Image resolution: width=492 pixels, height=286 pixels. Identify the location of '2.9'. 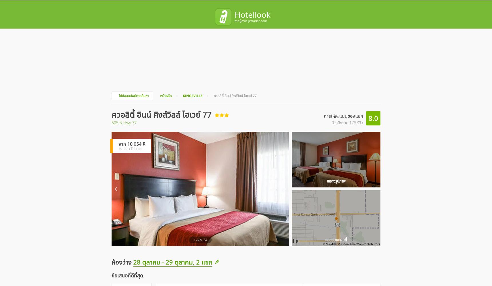
(319, 239).